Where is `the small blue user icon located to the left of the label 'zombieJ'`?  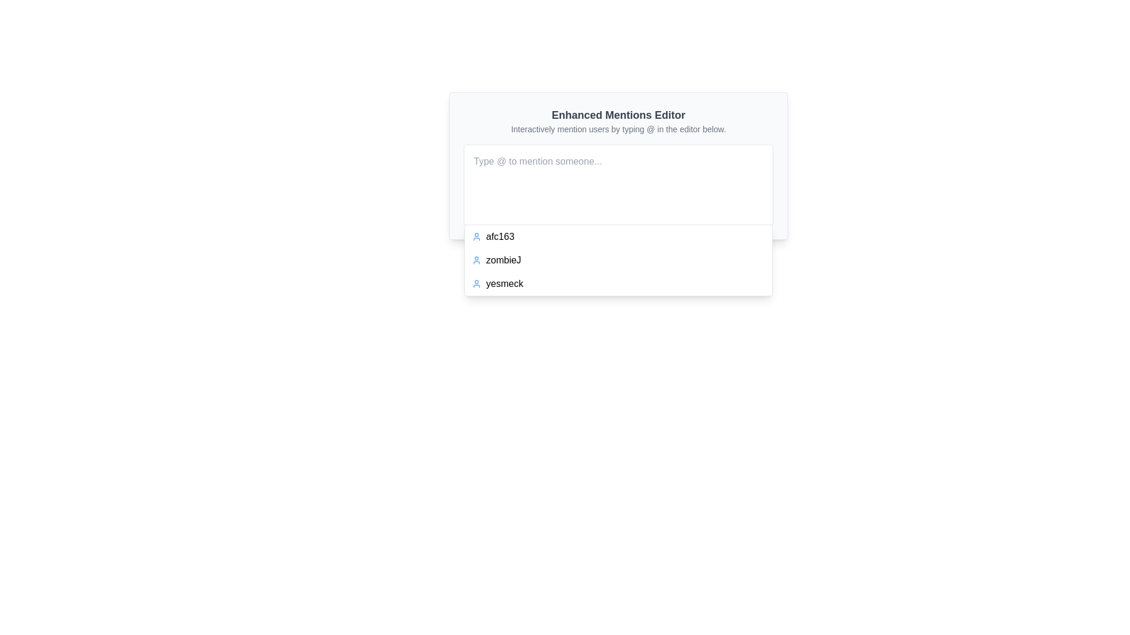
the small blue user icon located to the left of the label 'zombieJ' is located at coordinates (477, 260).